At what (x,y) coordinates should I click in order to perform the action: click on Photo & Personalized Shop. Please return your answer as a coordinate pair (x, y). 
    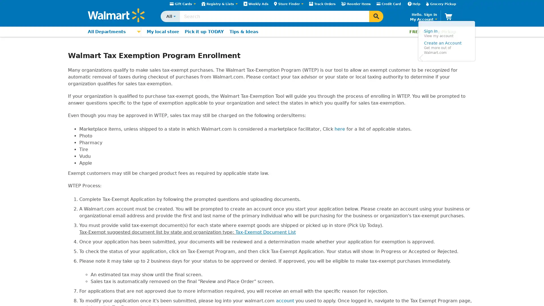
    Looking at the image, I should click on (110, 151).